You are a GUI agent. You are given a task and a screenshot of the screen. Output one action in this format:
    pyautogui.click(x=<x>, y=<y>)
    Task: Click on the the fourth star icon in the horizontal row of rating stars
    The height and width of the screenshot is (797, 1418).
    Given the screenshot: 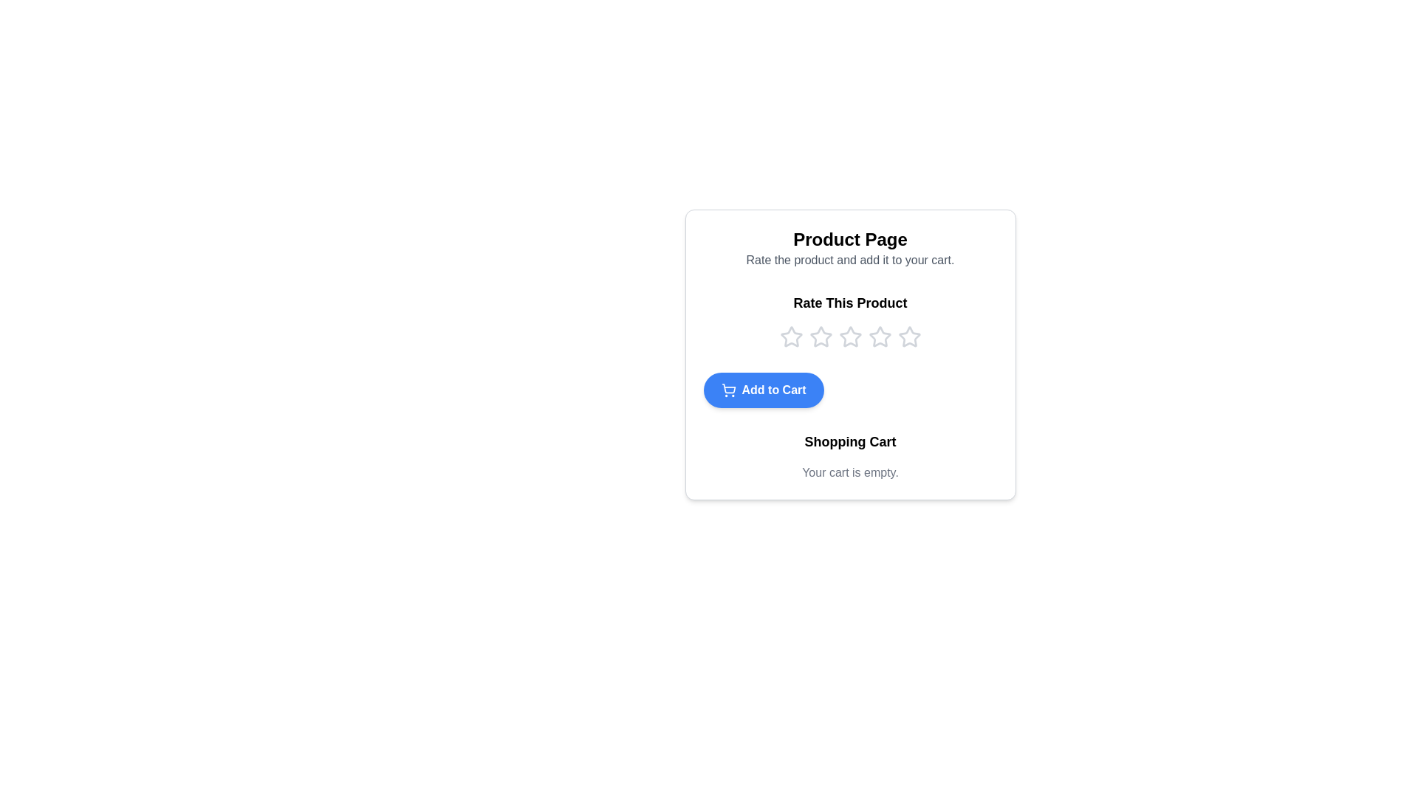 What is the action you would take?
    pyautogui.click(x=880, y=337)
    